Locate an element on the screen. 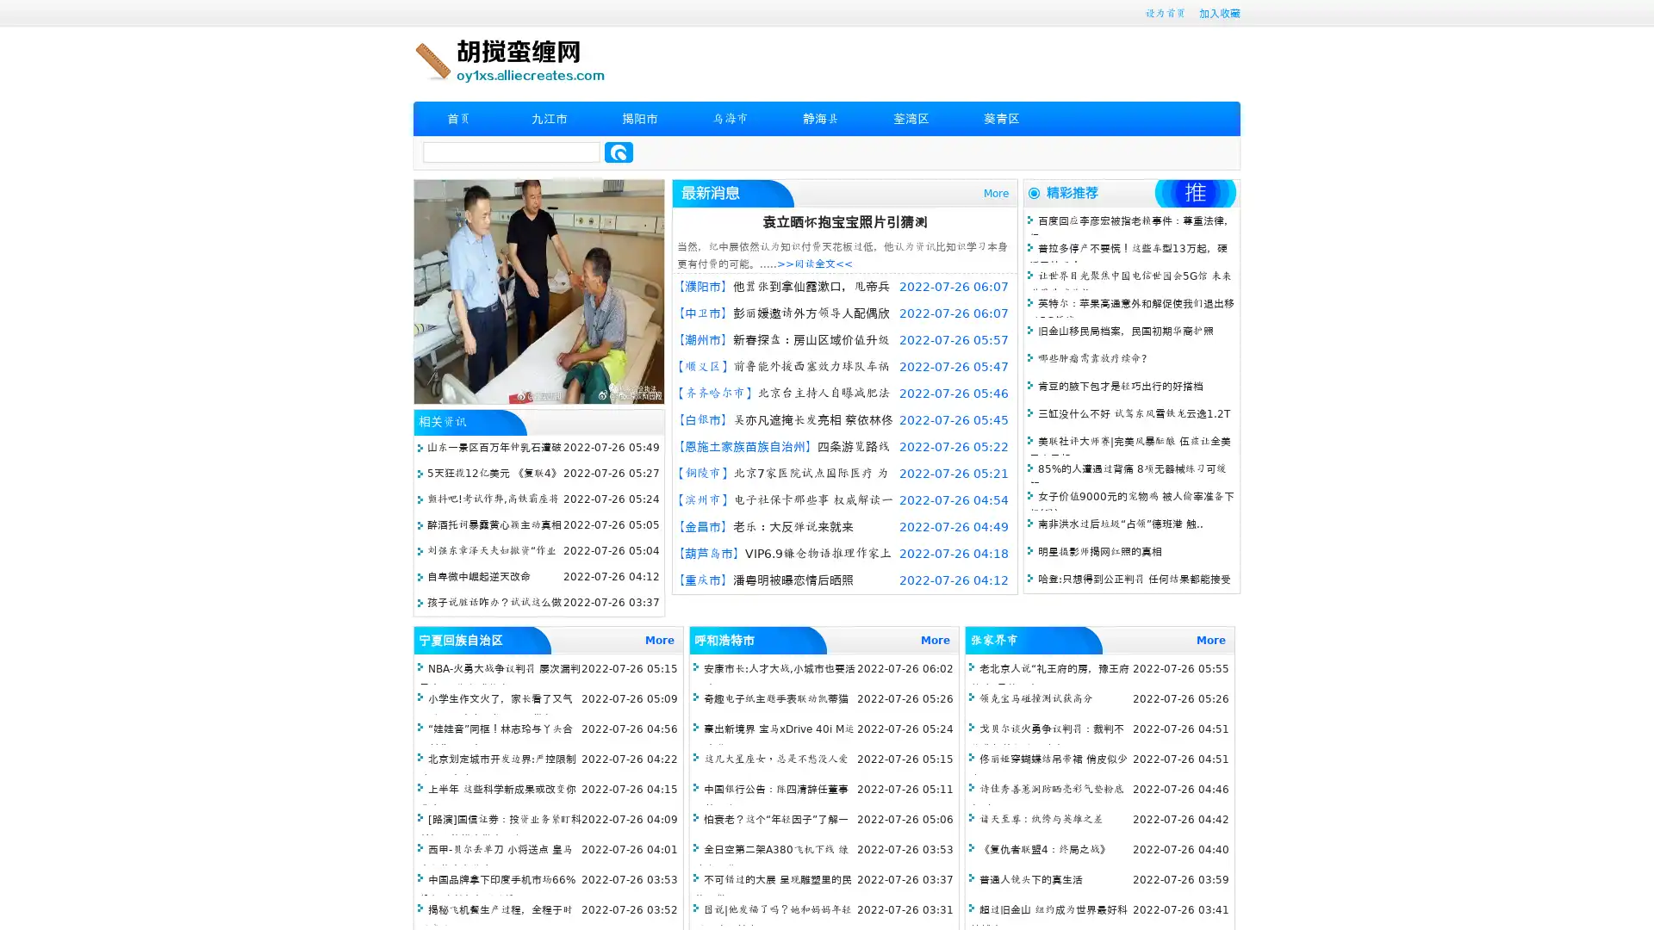 This screenshot has width=1654, height=930. Search is located at coordinates (619, 152).